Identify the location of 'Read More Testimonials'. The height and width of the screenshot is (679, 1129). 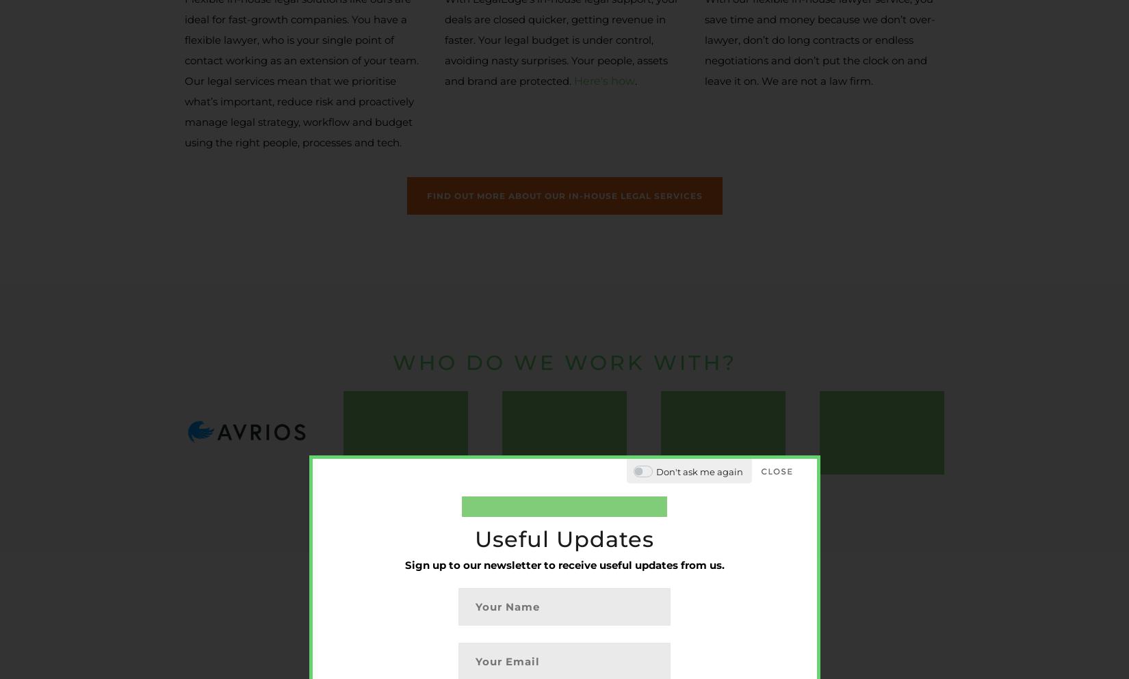
(563, 261).